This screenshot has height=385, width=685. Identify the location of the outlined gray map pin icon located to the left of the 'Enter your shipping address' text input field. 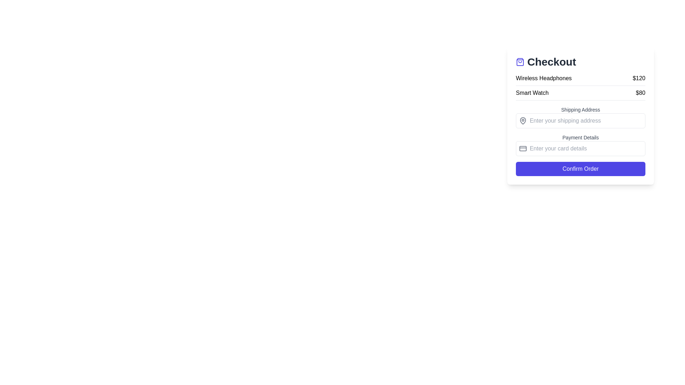
(523, 120).